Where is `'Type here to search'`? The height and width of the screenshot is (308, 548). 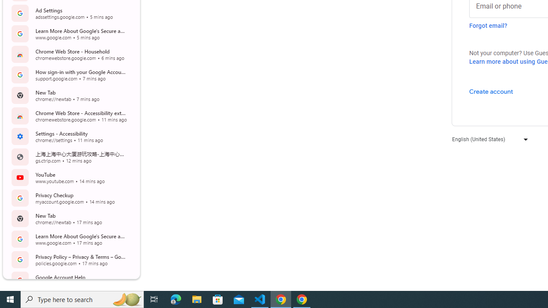
'Type here to search' is located at coordinates (82, 299).